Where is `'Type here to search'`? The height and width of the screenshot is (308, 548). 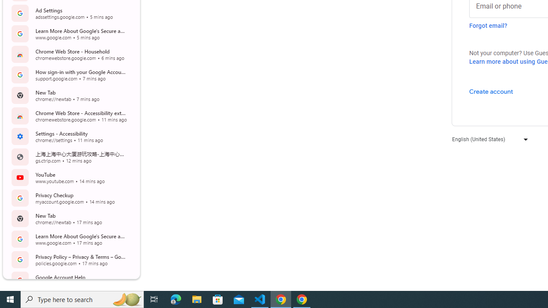
'Type here to search' is located at coordinates (82, 299).